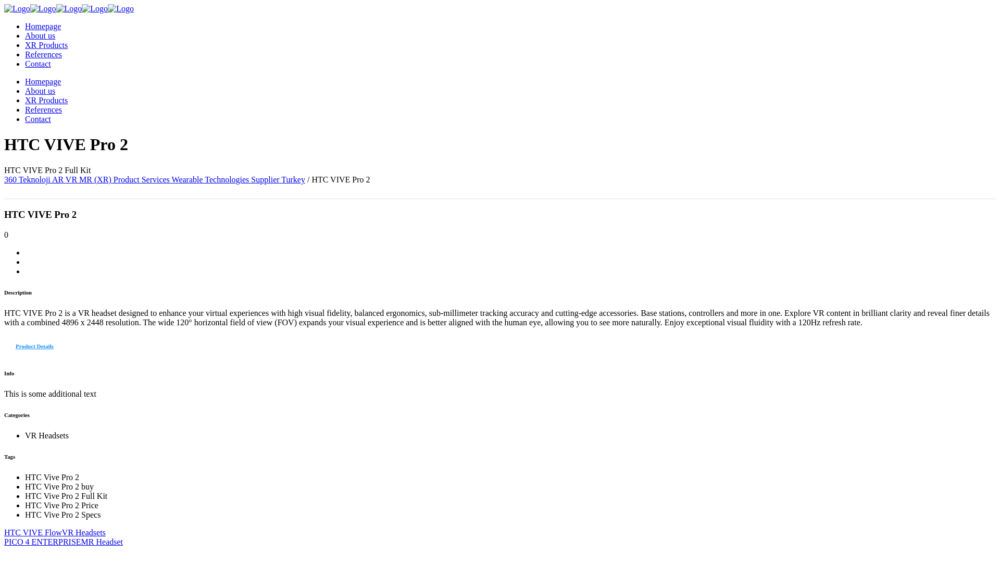 The height and width of the screenshot is (563, 1000). I want to click on 'Homepage', so click(25, 26).